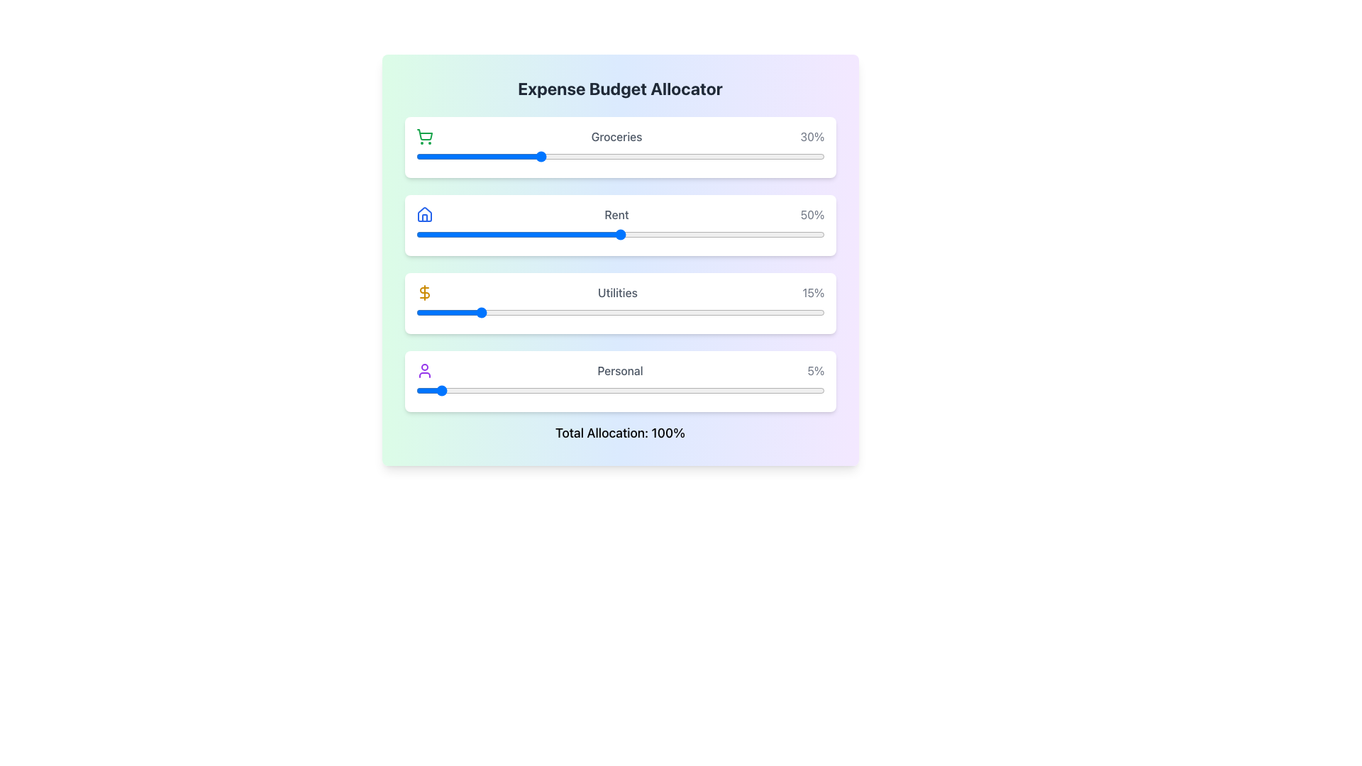 Image resolution: width=1362 pixels, height=766 pixels. Describe the element at coordinates (620, 370) in the screenshot. I see `the Labeled Budget Indicator displaying 'Personal' with '5%'` at that location.